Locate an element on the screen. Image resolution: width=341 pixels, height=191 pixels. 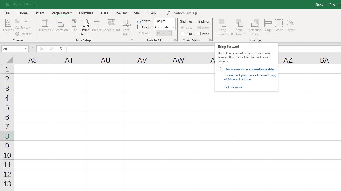
'More' is located at coordinates (169, 31).